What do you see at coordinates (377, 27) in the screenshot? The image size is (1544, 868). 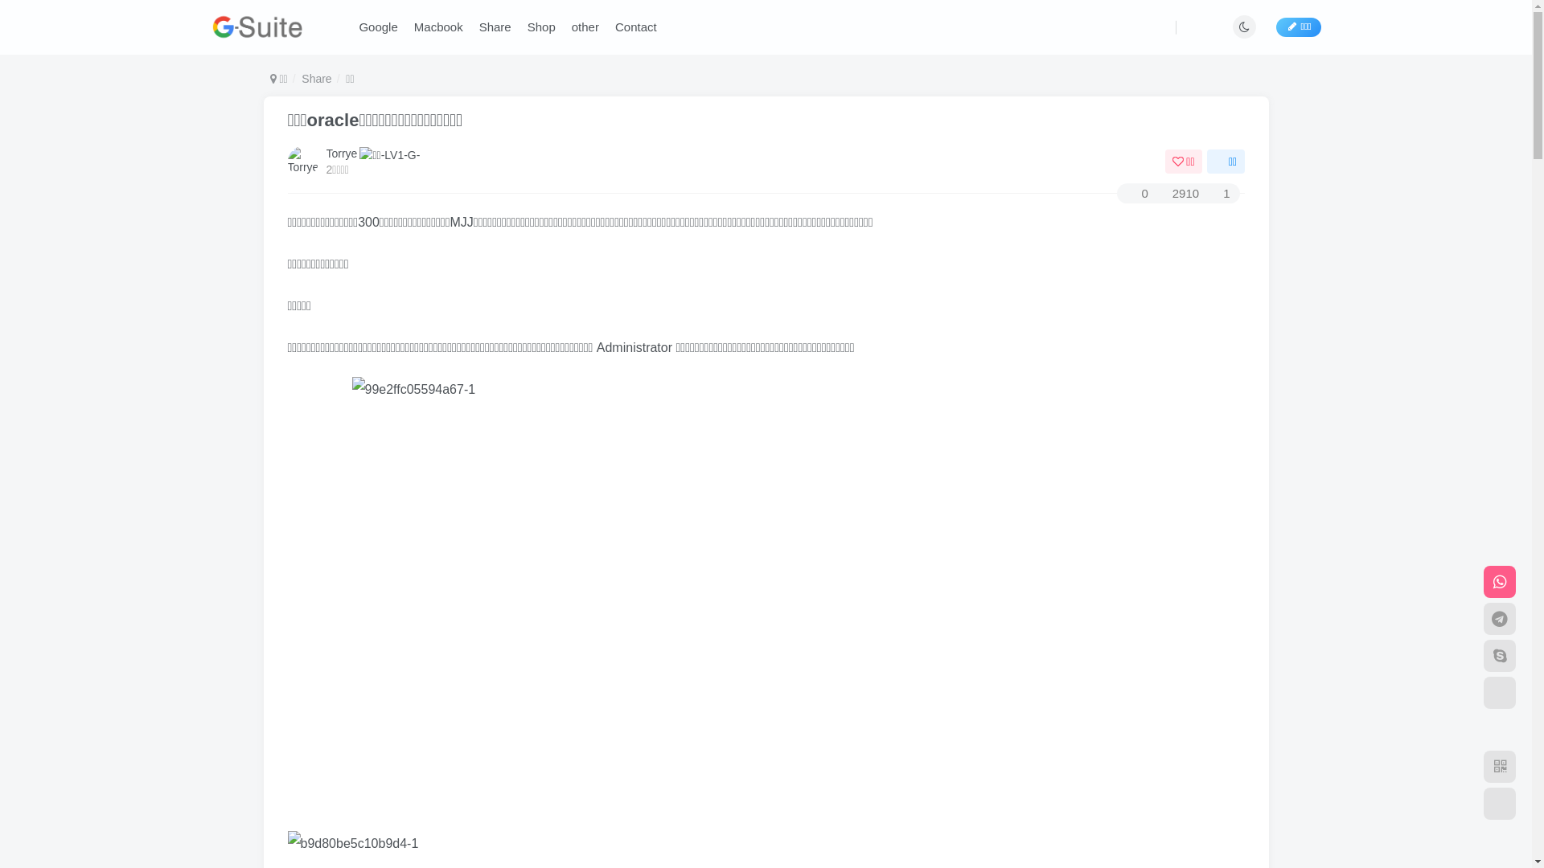 I see `'Google'` at bounding box center [377, 27].